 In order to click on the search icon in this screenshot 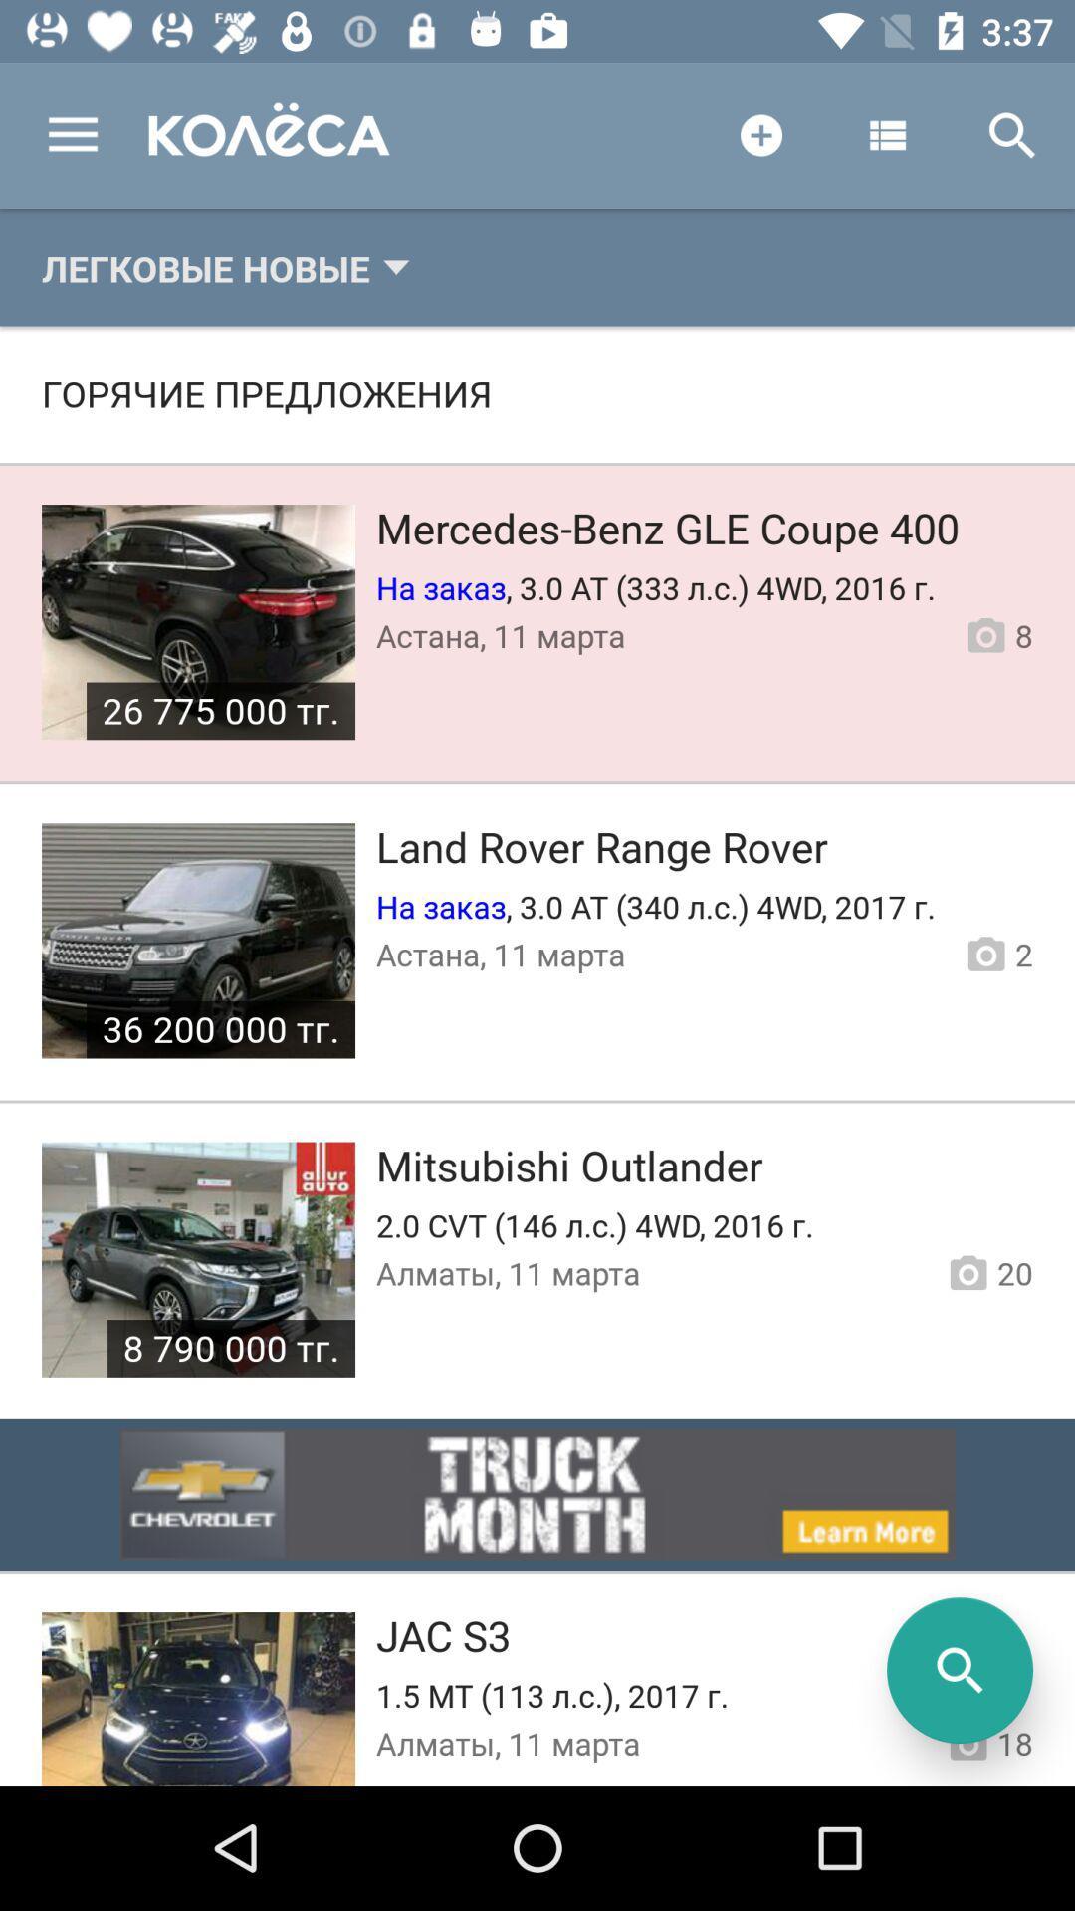, I will do `click(959, 1670)`.